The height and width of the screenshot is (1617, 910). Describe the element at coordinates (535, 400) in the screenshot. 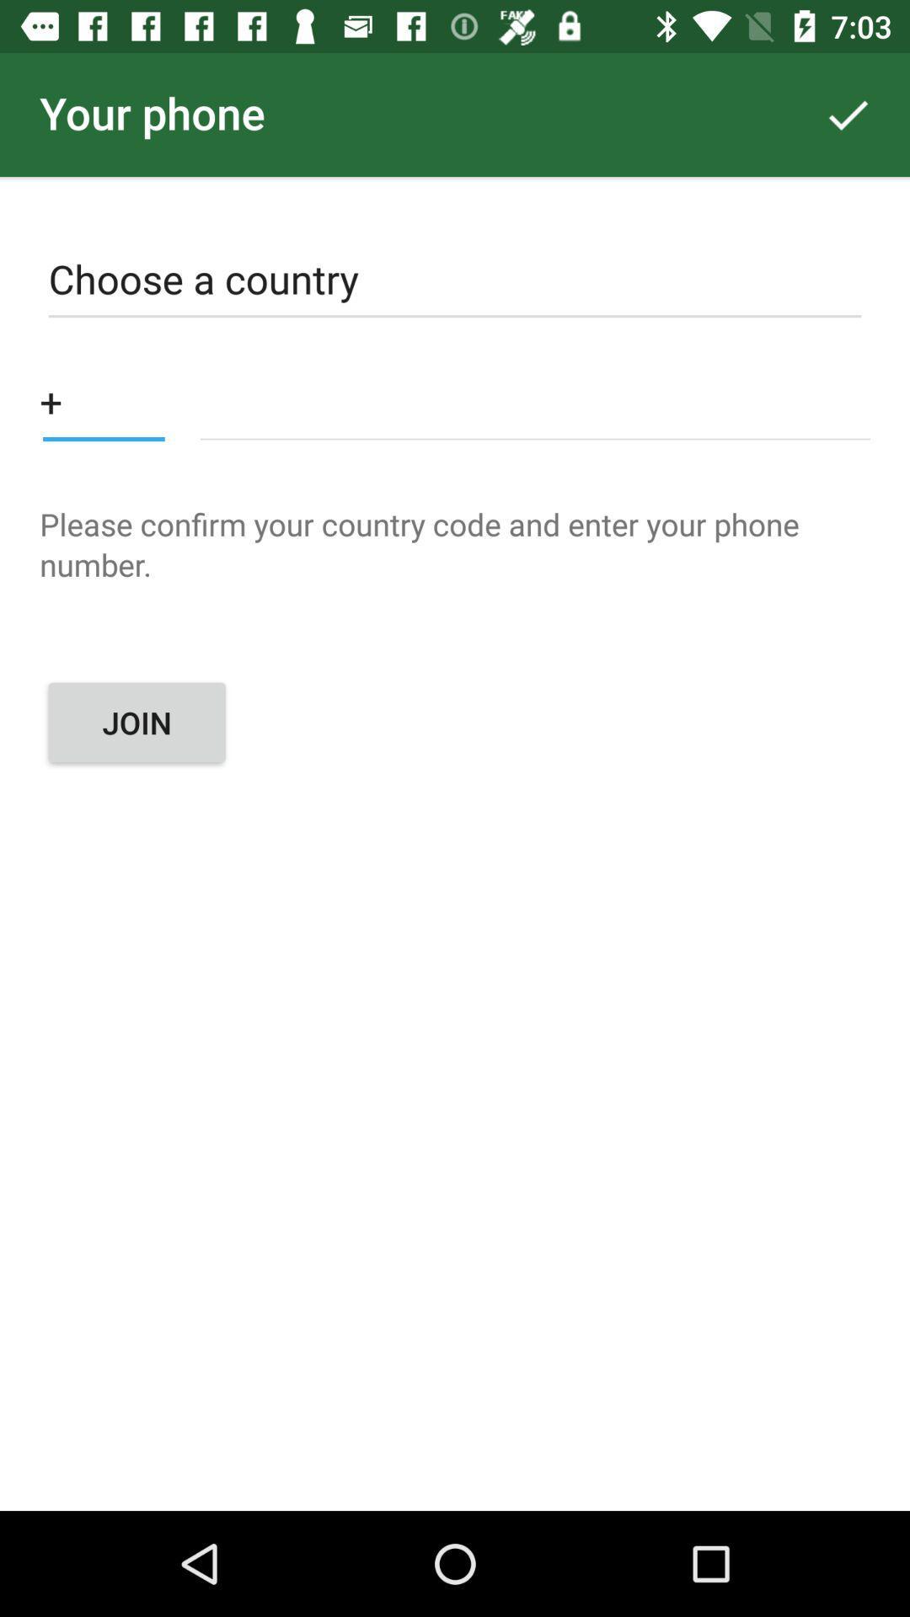

I see `phone number` at that location.